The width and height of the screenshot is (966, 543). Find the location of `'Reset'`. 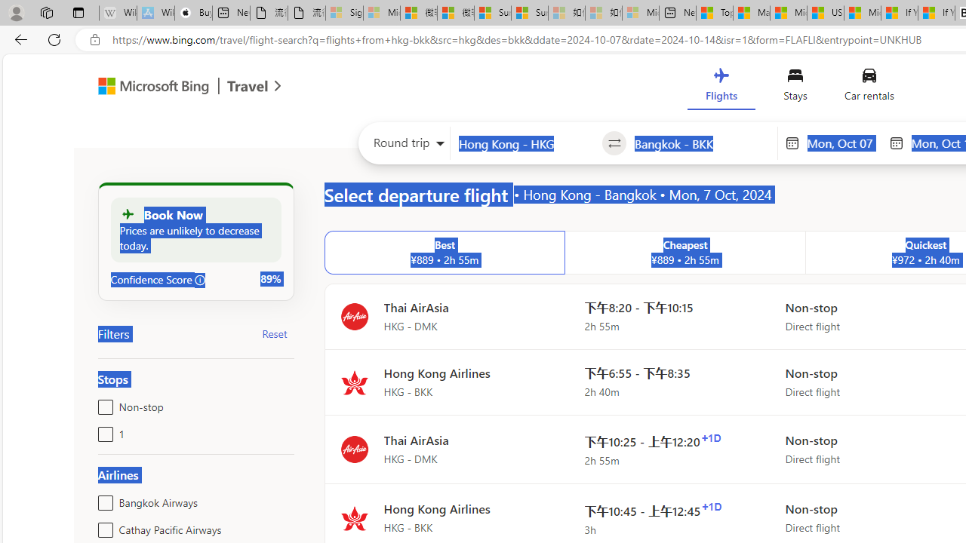

'Reset' is located at coordinates (275, 333).